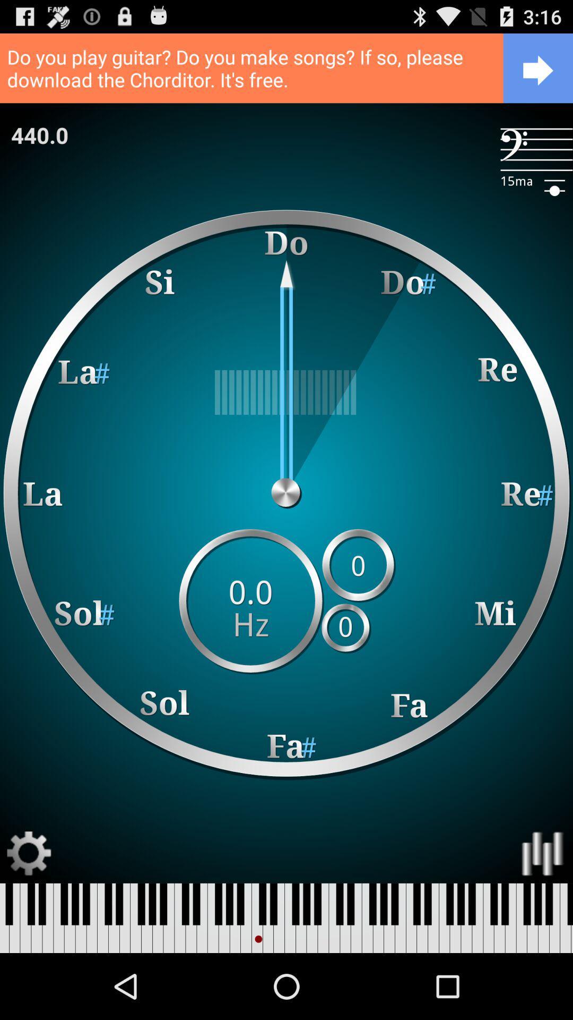 This screenshot has height=1020, width=573. Describe the element at coordinates (536, 149) in the screenshot. I see `the item to the right of 440.0` at that location.